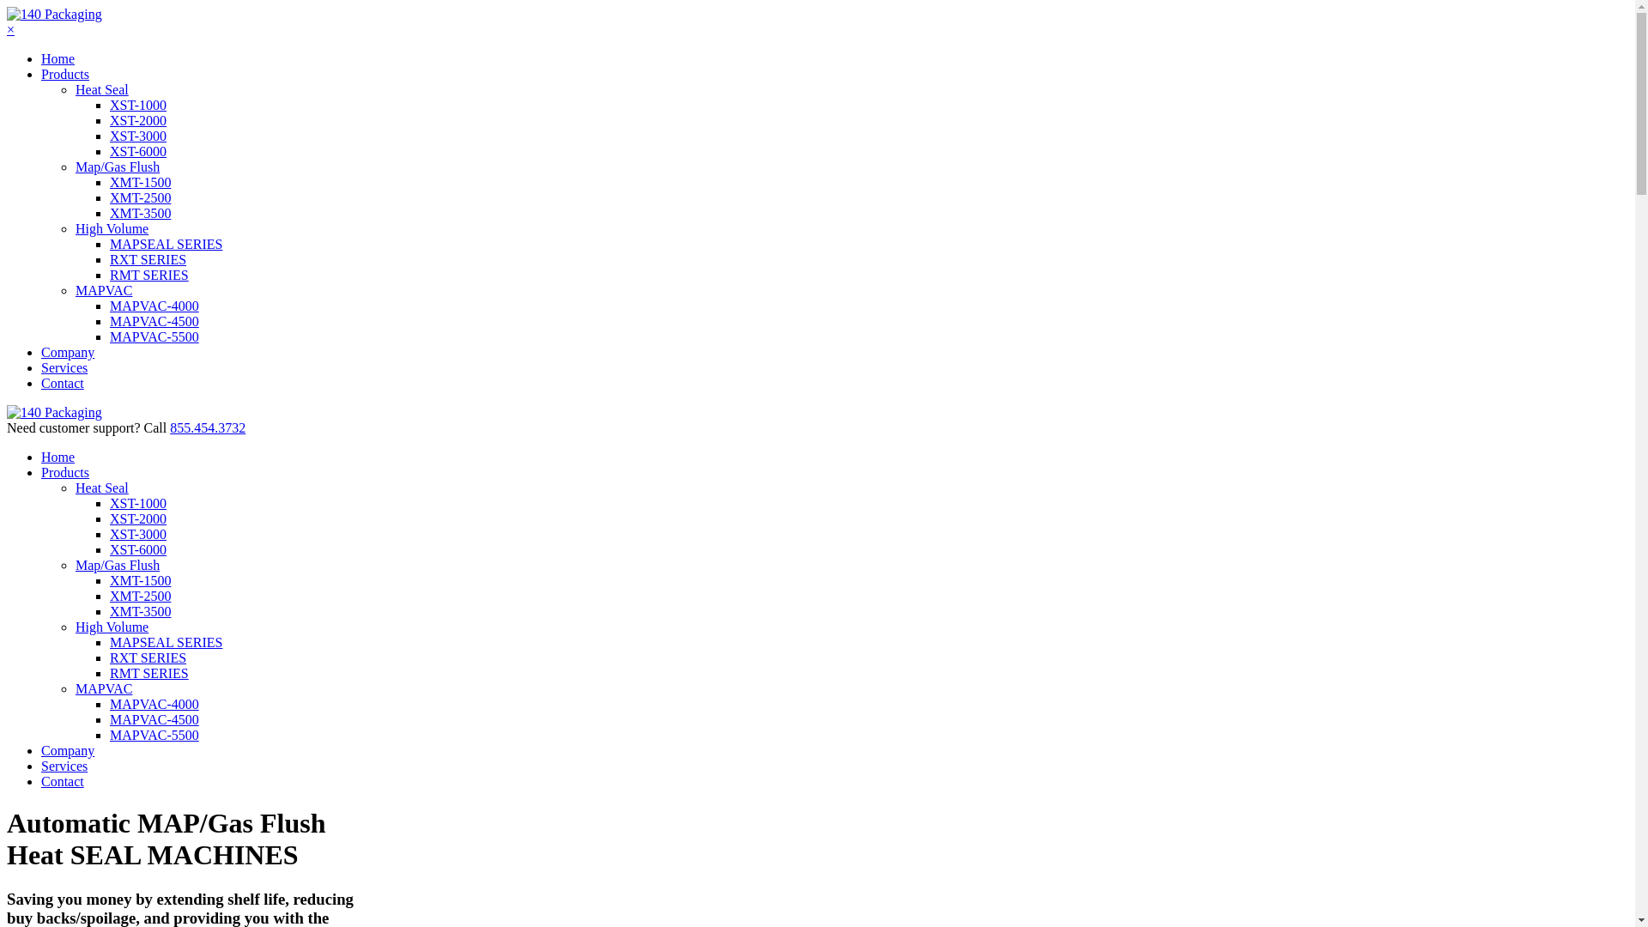  I want to click on 'MAPVAC', so click(102, 289).